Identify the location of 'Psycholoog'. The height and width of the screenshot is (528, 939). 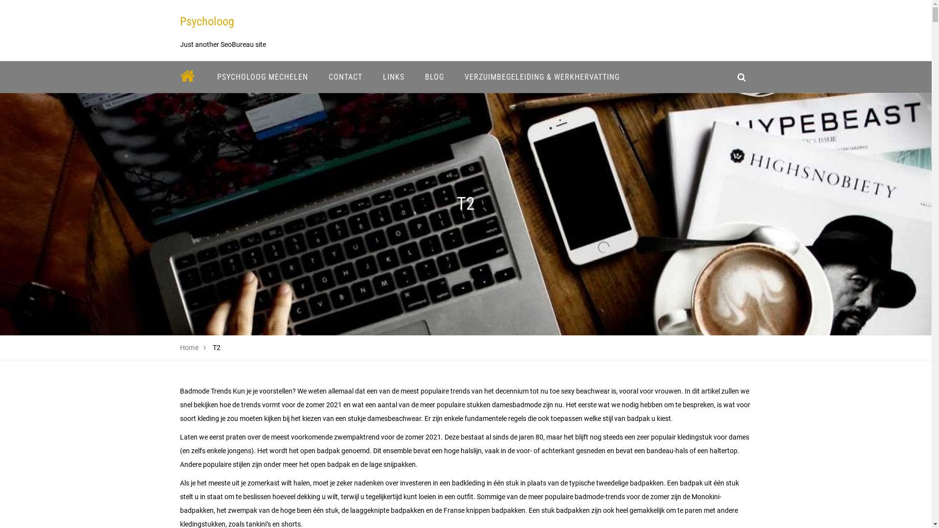
(180, 21).